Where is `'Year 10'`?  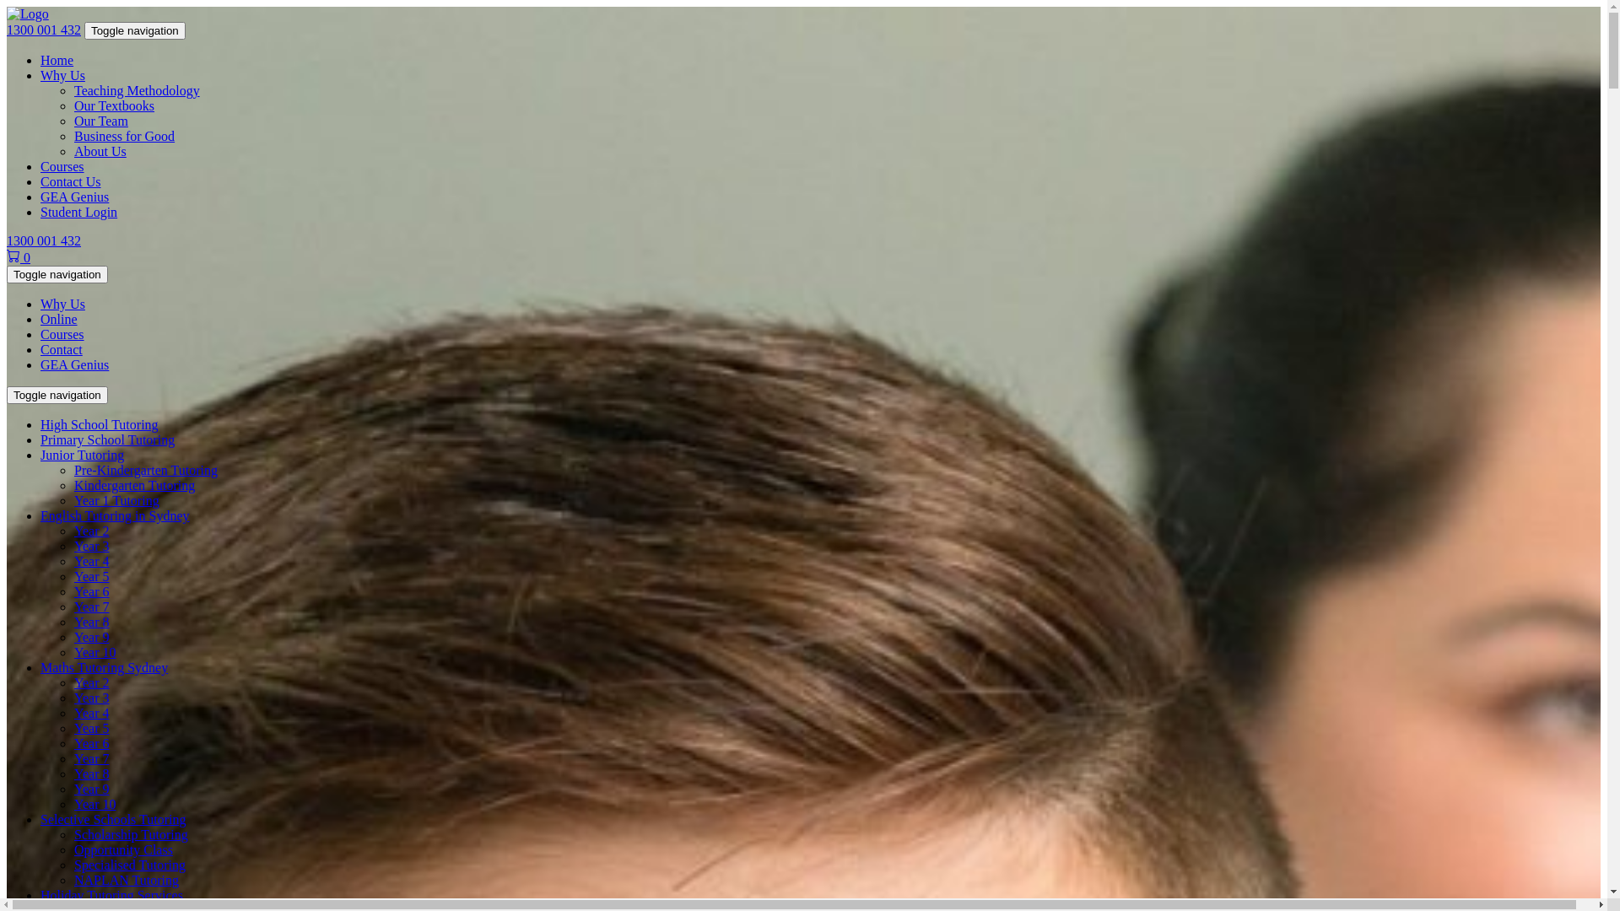
'Year 10' is located at coordinates (94, 651).